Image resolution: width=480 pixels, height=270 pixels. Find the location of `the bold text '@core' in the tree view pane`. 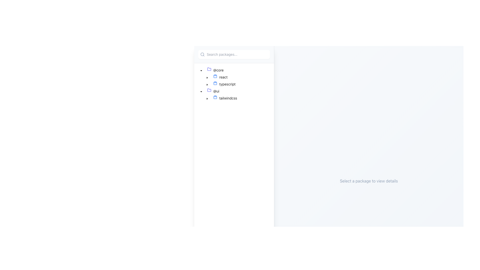

the bold text '@core' in the tree view pane is located at coordinates (215, 70).